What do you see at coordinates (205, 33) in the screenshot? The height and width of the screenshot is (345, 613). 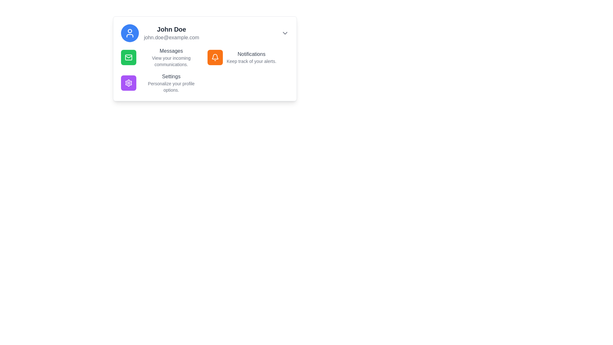 I see `the User profile summary dropdown to read the user details` at bounding box center [205, 33].